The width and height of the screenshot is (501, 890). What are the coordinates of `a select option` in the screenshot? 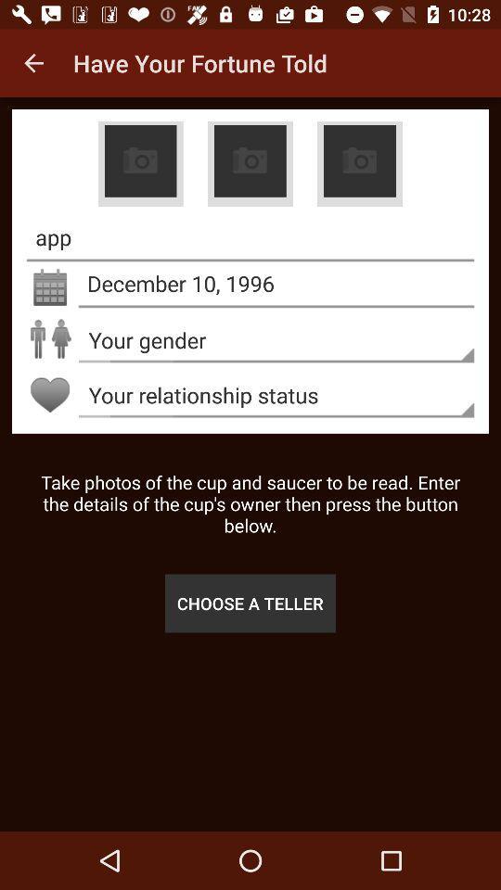 It's located at (250, 163).